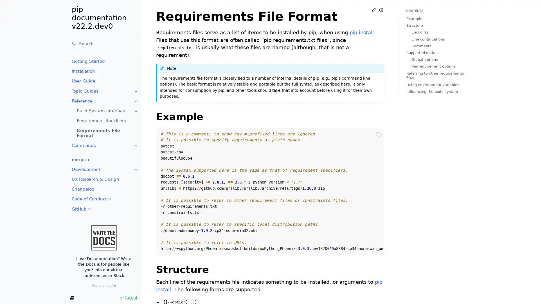 This screenshot has width=540, height=304. Describe the element at coordinates (378, 134) in the screenshot. I see `Copy to clipboard` at that location.